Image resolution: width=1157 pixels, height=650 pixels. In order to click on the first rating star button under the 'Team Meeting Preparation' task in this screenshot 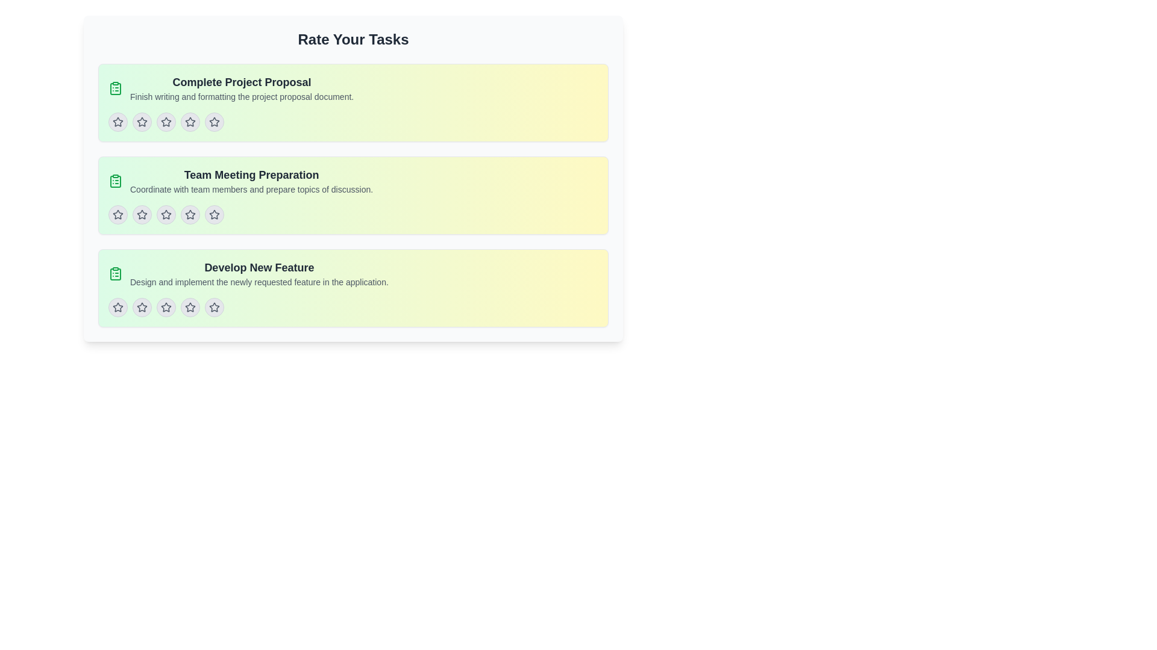, I will do `click(118, 214)`.